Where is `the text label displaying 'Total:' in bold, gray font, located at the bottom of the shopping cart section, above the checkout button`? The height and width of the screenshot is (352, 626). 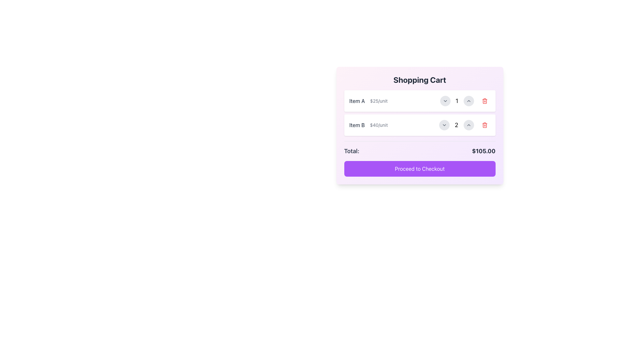 the text label displaying 'Total:' in bold, gray font, located at the bottom of the shopping cart section, above the checkout button is located at coordinates (351, 151).